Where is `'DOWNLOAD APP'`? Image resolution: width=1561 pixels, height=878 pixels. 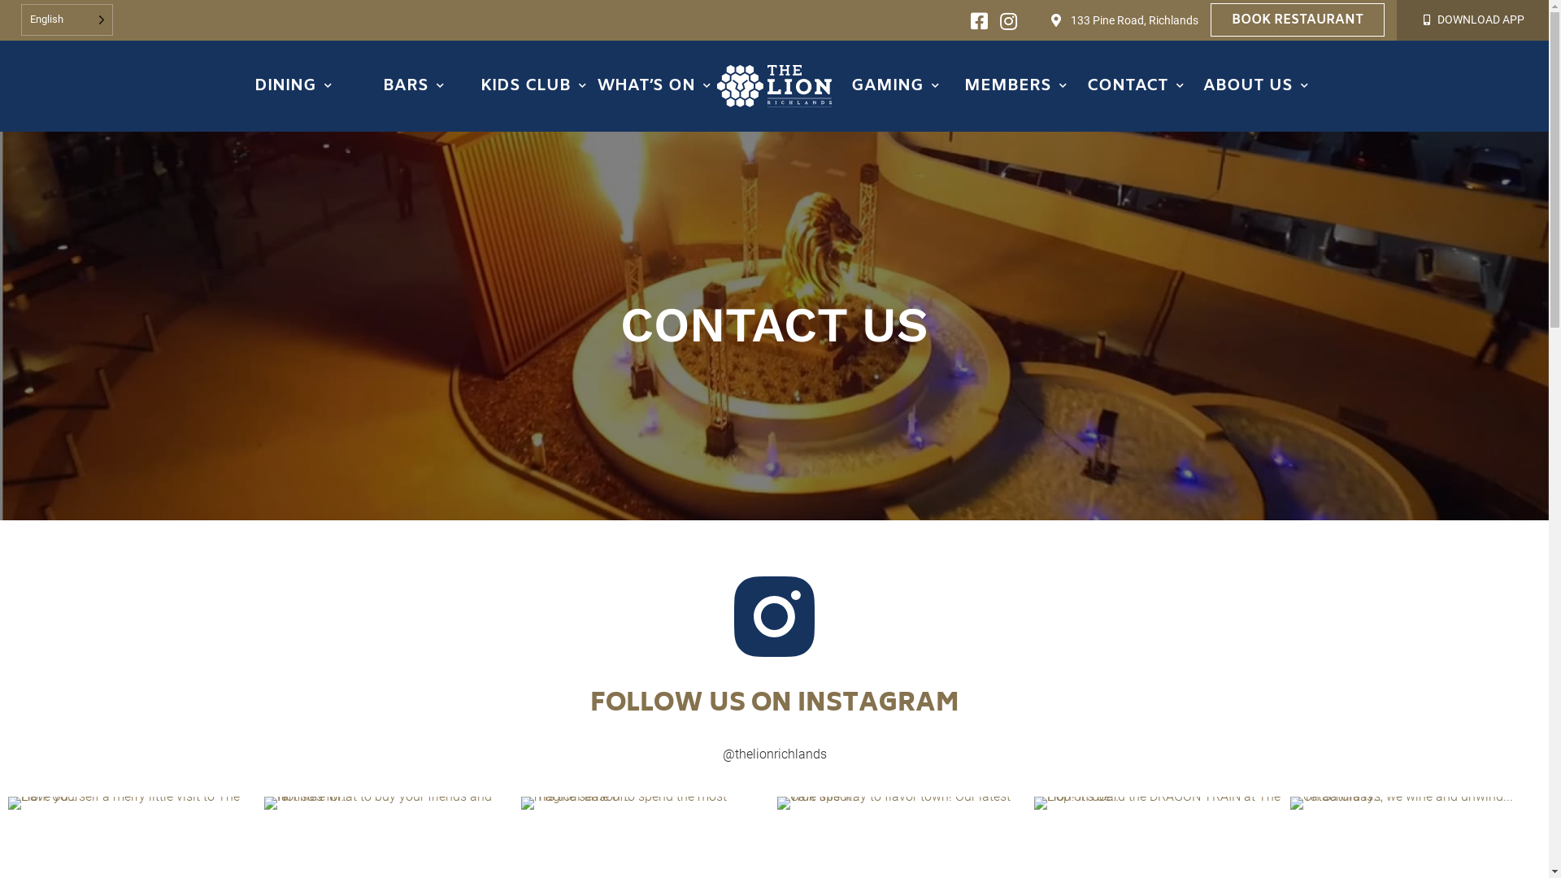 'DOWNLOAD APP' is located at coordinates (1481, 19).